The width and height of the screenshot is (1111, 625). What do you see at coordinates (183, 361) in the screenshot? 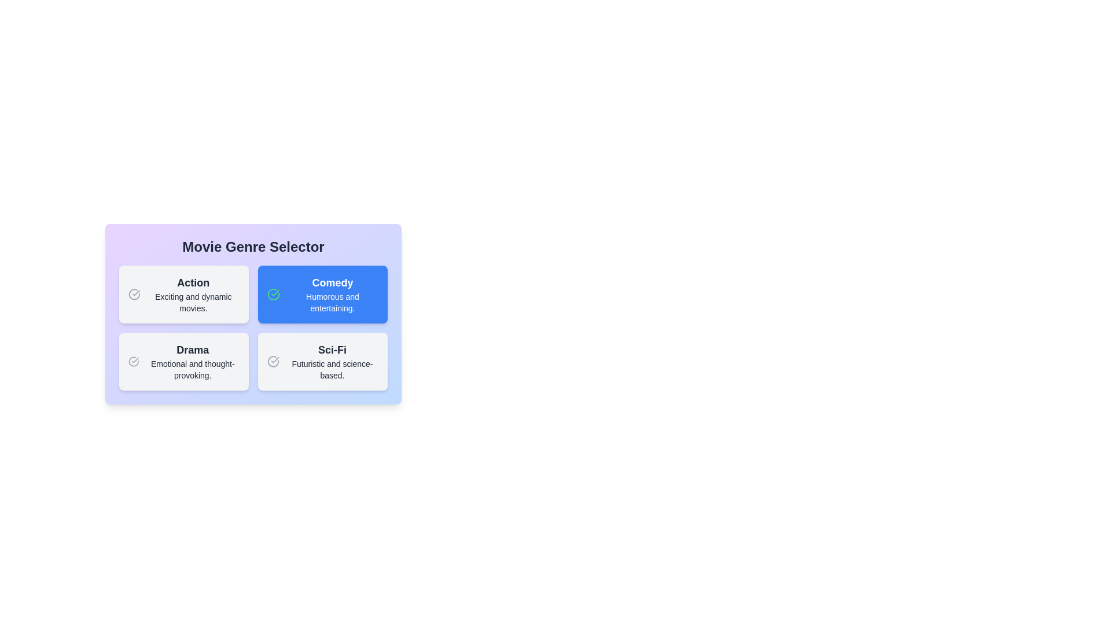
I see `the genre card labeled Drama` at bounding box center [183, 361].